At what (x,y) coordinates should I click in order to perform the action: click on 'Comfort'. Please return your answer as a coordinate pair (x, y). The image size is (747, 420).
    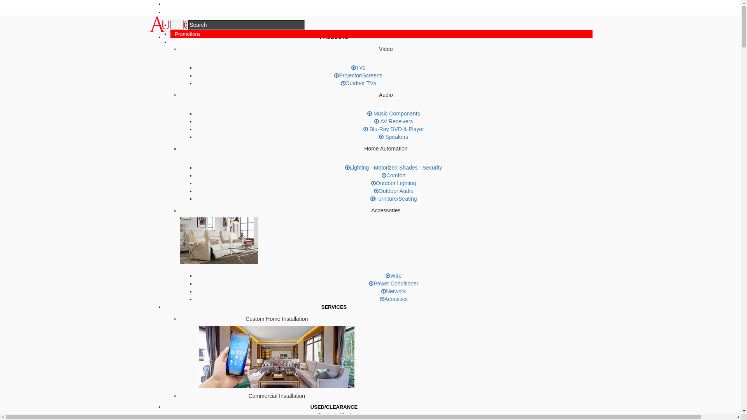
    Looking at the image, I should click on (394, 175).